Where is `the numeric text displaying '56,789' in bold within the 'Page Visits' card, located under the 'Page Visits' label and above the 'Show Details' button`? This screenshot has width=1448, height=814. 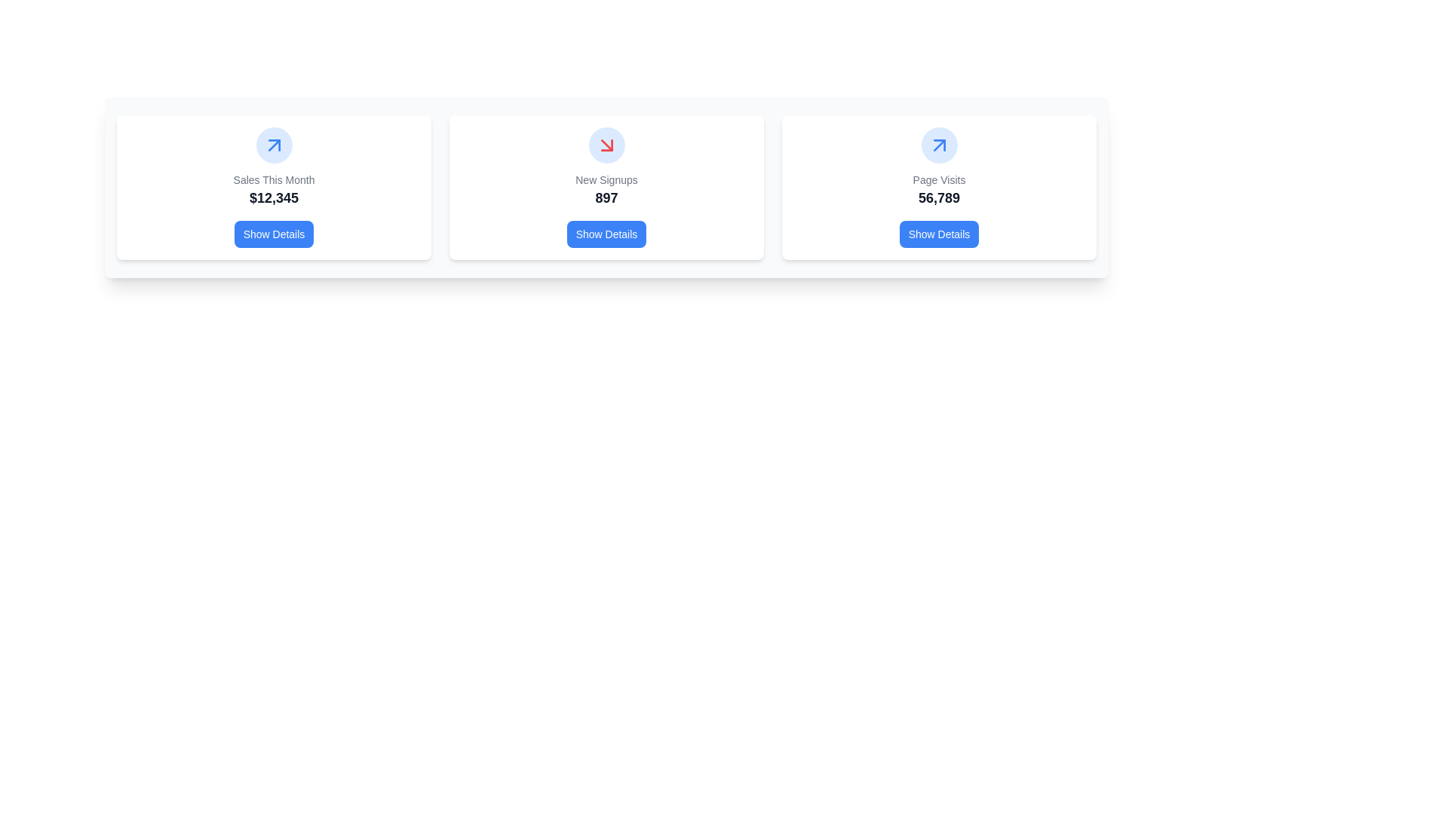 the numeric text displaying '56,789' in bold within the 'Page Visits' card, located under the 'Page Visits' label and above the 'Show Details' button is located at coordinates (938, 197).